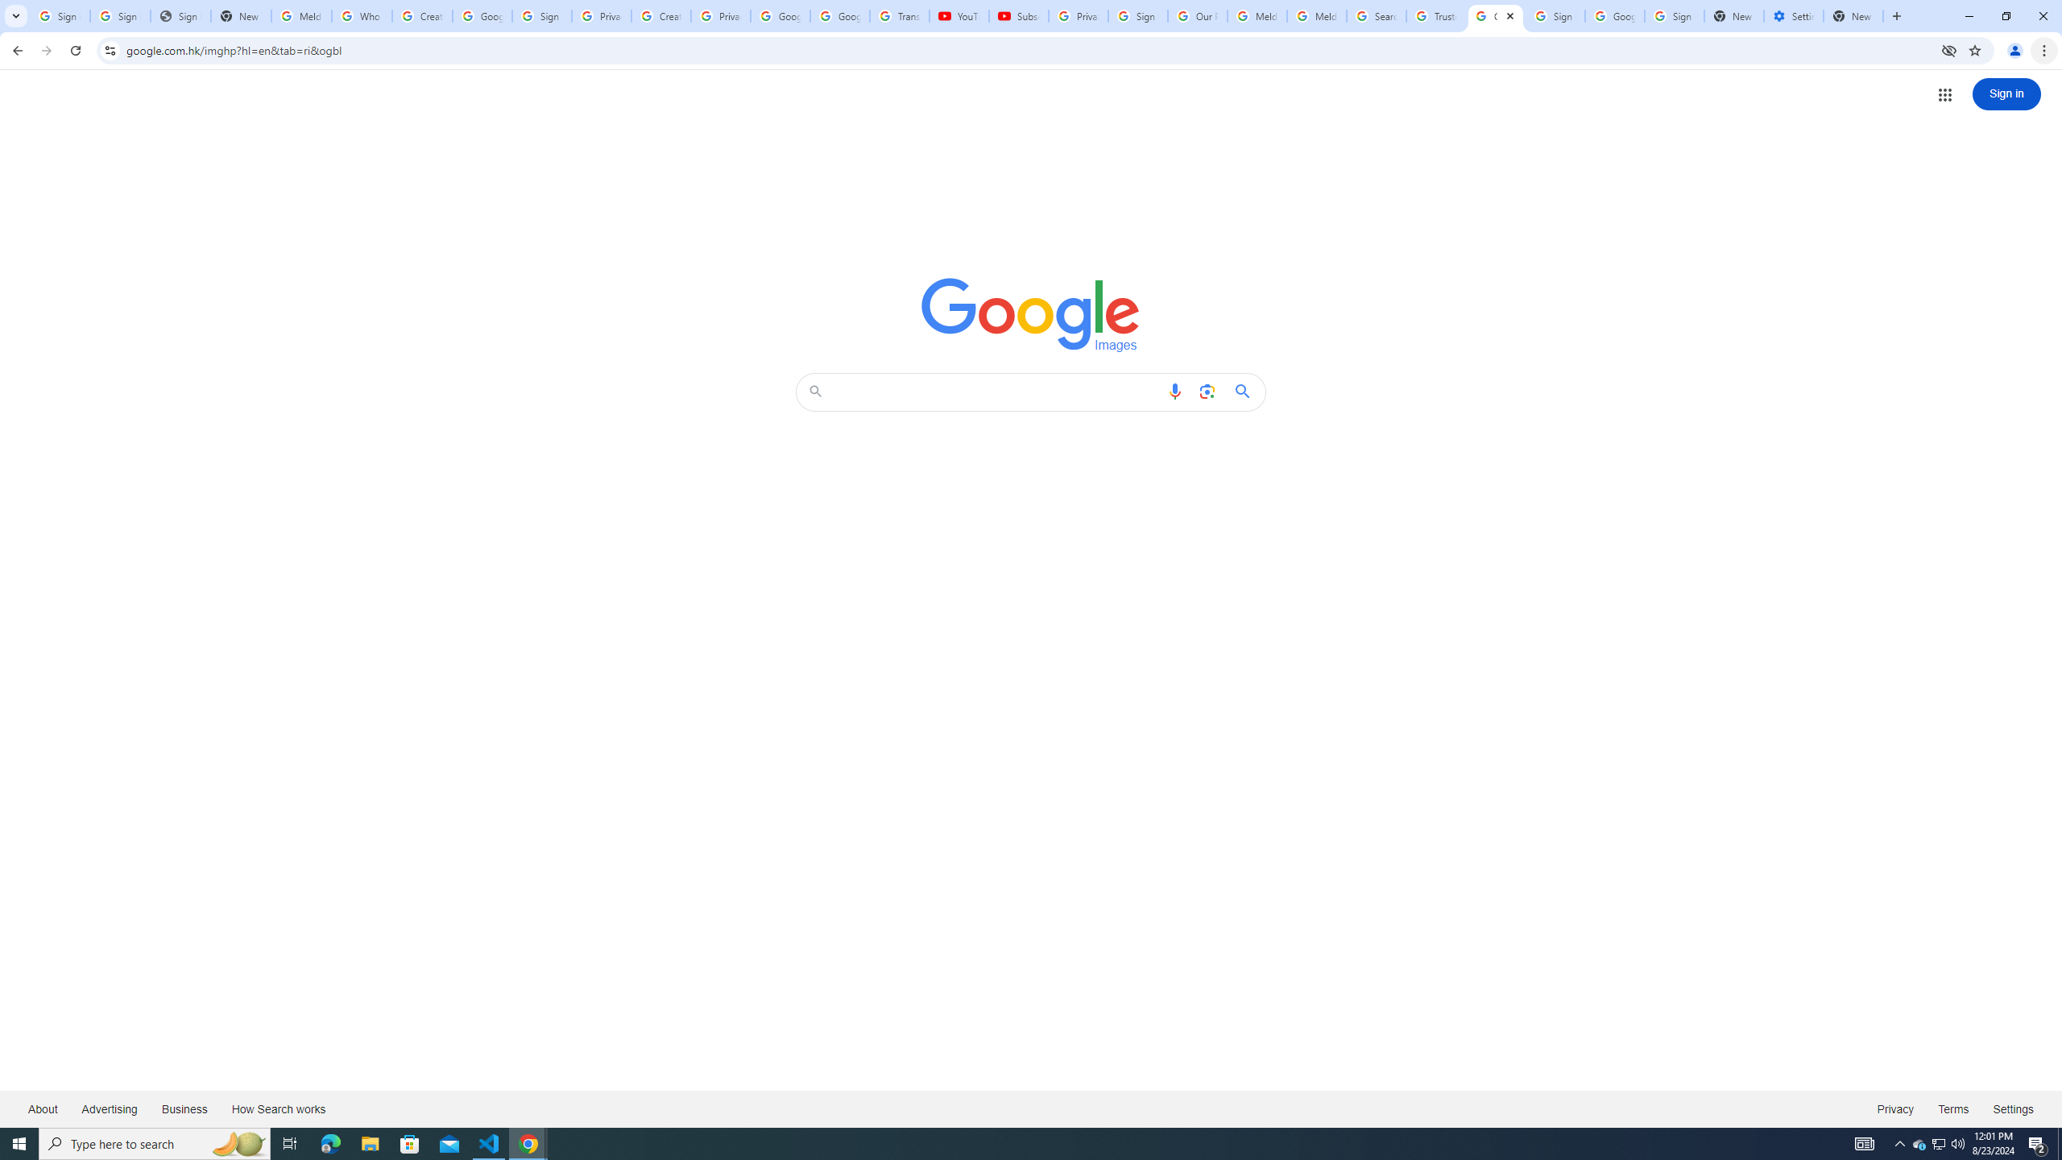  What do you see at coordinates (75, 50) in the screenshot?
I see `'Reload'` at bounding box center [75, 50].